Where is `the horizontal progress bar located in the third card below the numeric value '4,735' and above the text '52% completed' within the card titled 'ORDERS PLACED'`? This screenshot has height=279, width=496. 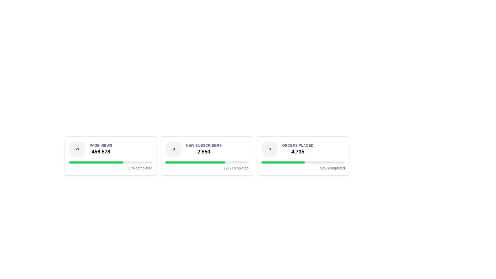
the horizontal progress bar located in the third card below the numeric value '4,735' and above the text '52% completed' within the card titled 'ORDERS PLACED' is located at coordinates (303, 162).